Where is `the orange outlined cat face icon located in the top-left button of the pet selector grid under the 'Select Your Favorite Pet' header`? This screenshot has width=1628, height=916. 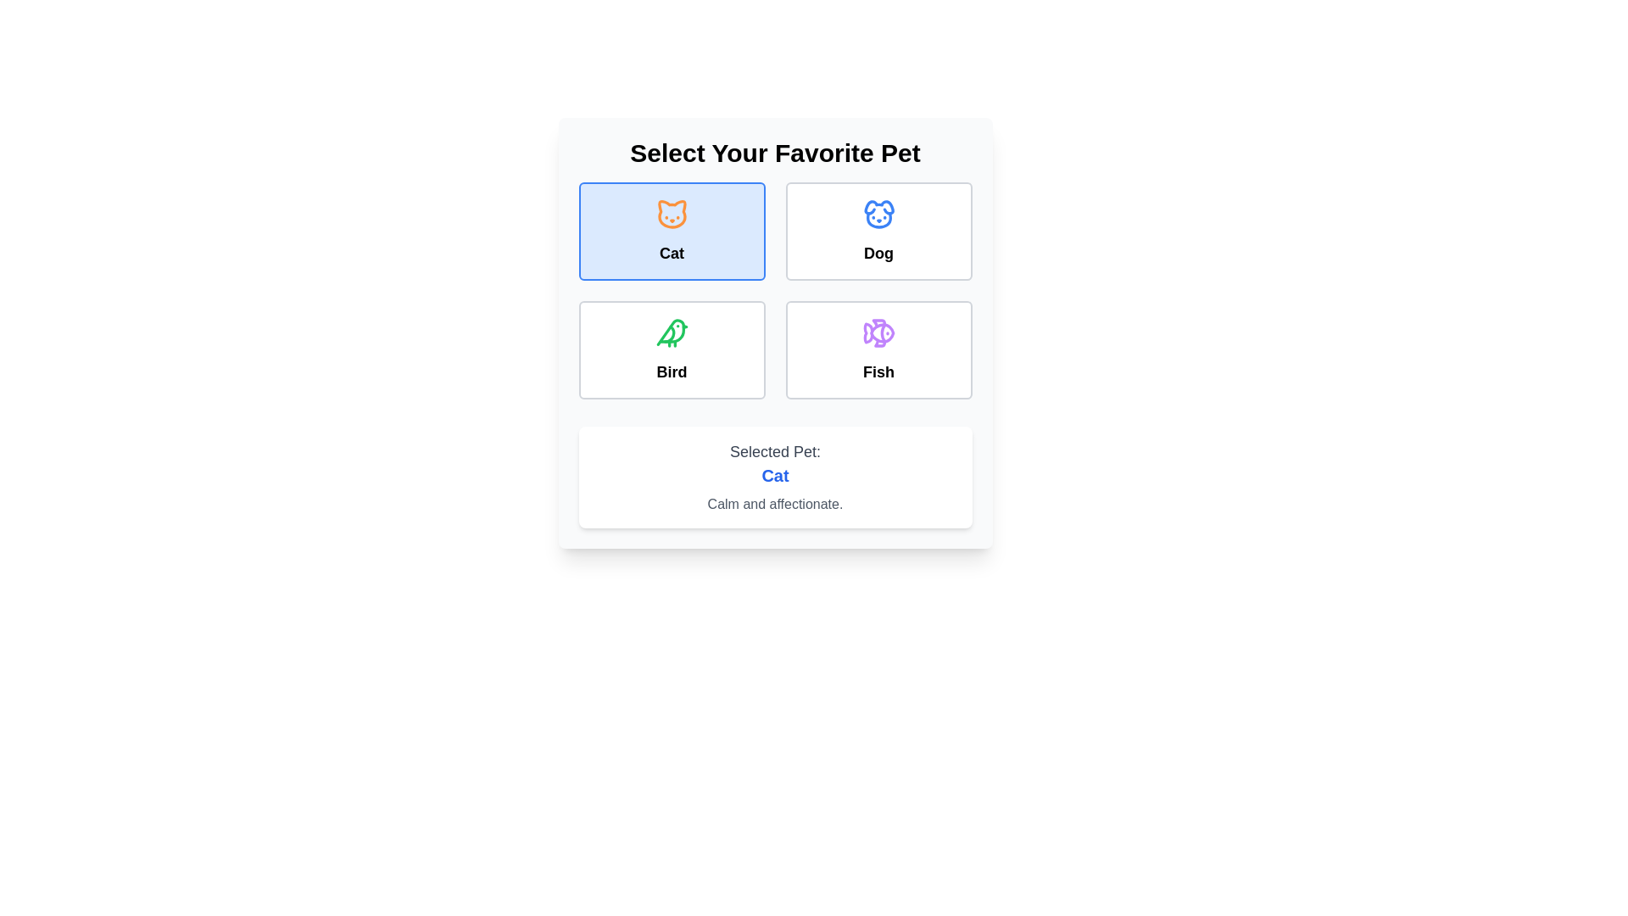
the orange outlined cat face icon located in the top-left button of the pet selector grid under the 'Select Your Favorite Pet' header is located at coordinates (671, 213).